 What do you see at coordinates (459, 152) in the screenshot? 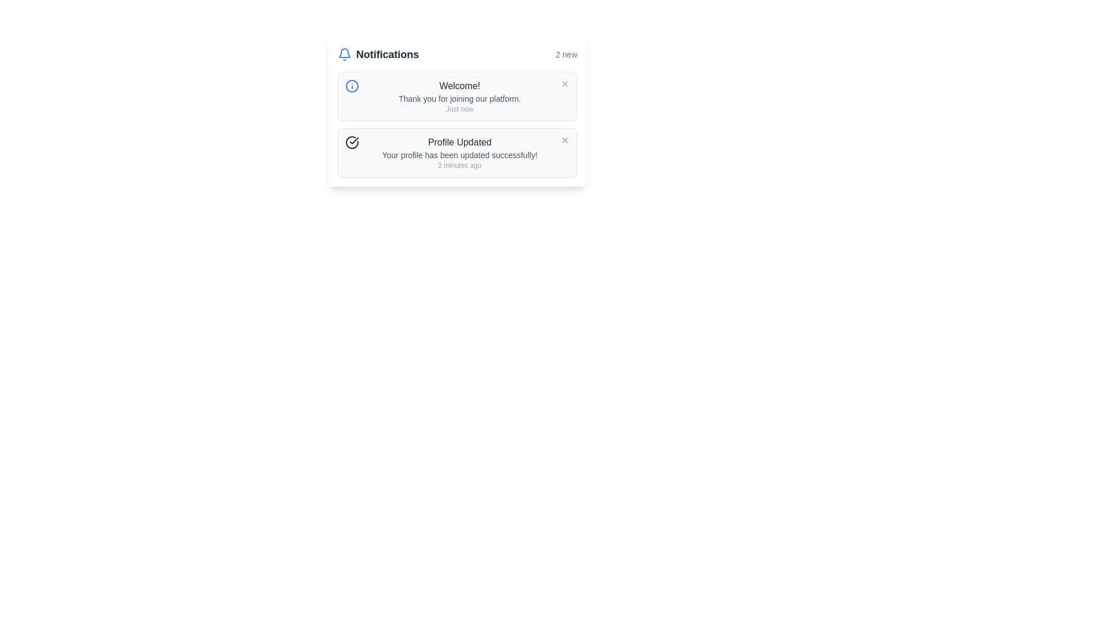
I see `the Notification message block that indicates the user's profile has been updated successfully` at bounding box center [459, 152].